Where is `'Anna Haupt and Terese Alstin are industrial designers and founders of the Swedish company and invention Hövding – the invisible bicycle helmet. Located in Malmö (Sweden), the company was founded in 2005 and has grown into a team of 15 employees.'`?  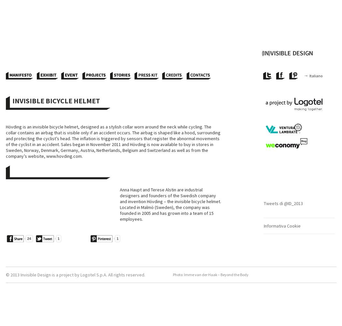 'Anna Haupt and Terese Alstin are industrial designers and founders of the Swedish company and invention Hövding – the invisible bicycle helmet. Located in Malmö (Sweden), the company was founded in 2005 and has grown into a team of 15 employees.' is located at coordinates (170, 204).